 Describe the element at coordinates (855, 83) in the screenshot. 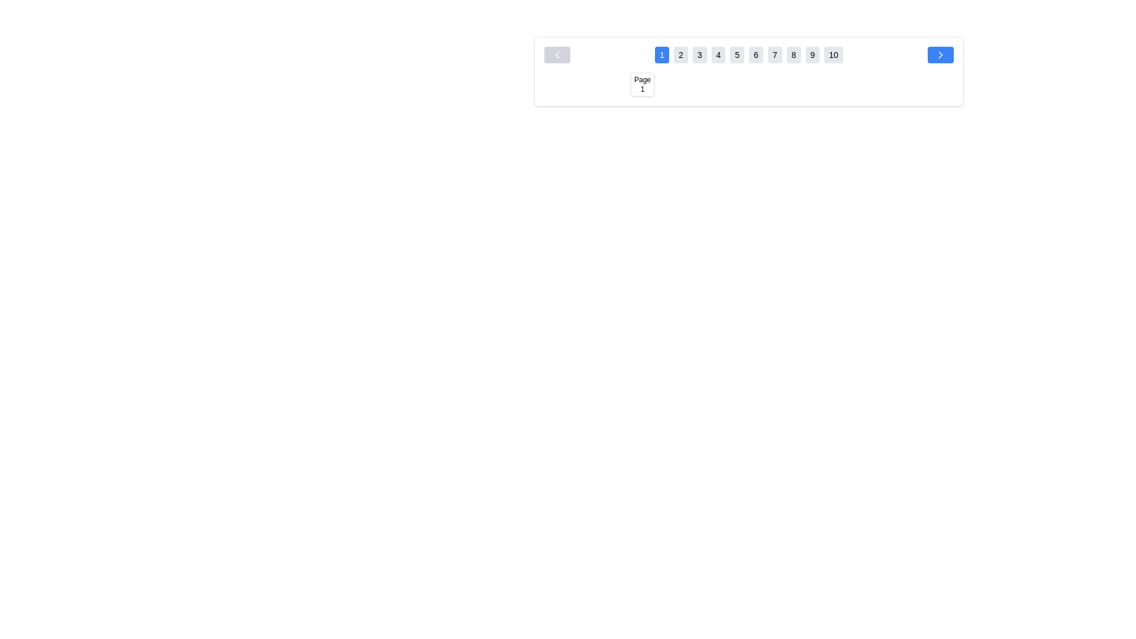

I see `the pagination control element that indicates Page 10, located at the rightmost position of the pagination components` at that location.